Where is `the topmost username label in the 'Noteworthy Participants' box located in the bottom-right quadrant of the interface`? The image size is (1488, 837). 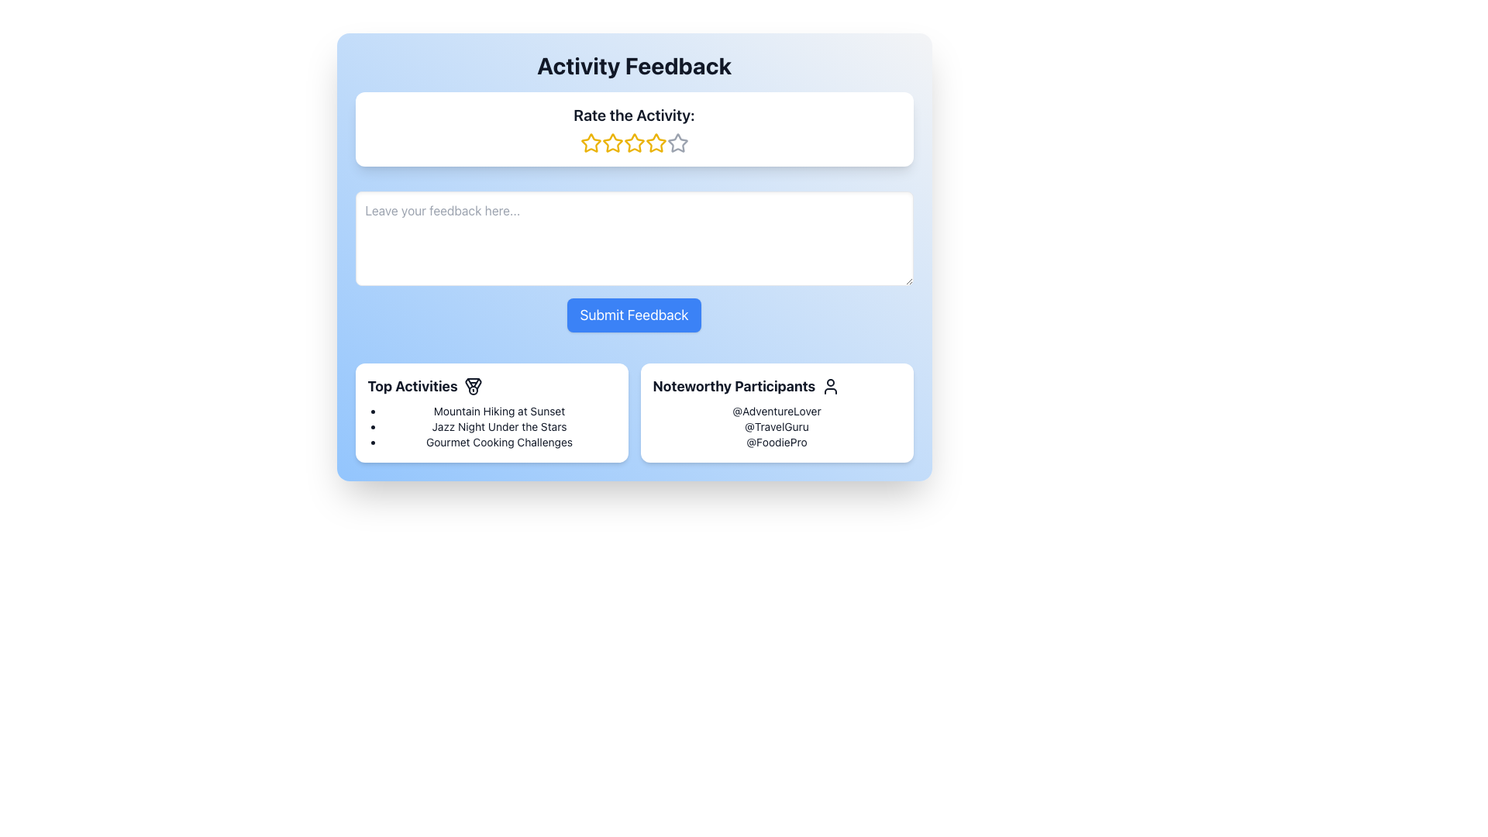 the topmost username label in the 'Noteworthy Participants' box located in the bottom-right quadrant of the interface is located at coordinates (777, 411).